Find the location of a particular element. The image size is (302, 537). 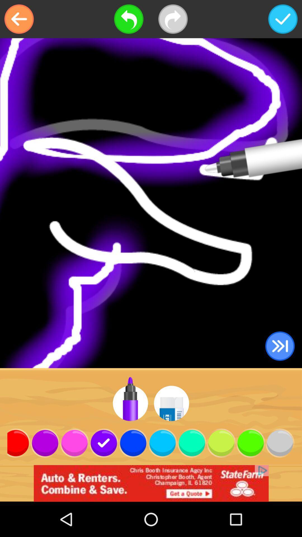

the icon on the right is located at coordinates (280, 346).